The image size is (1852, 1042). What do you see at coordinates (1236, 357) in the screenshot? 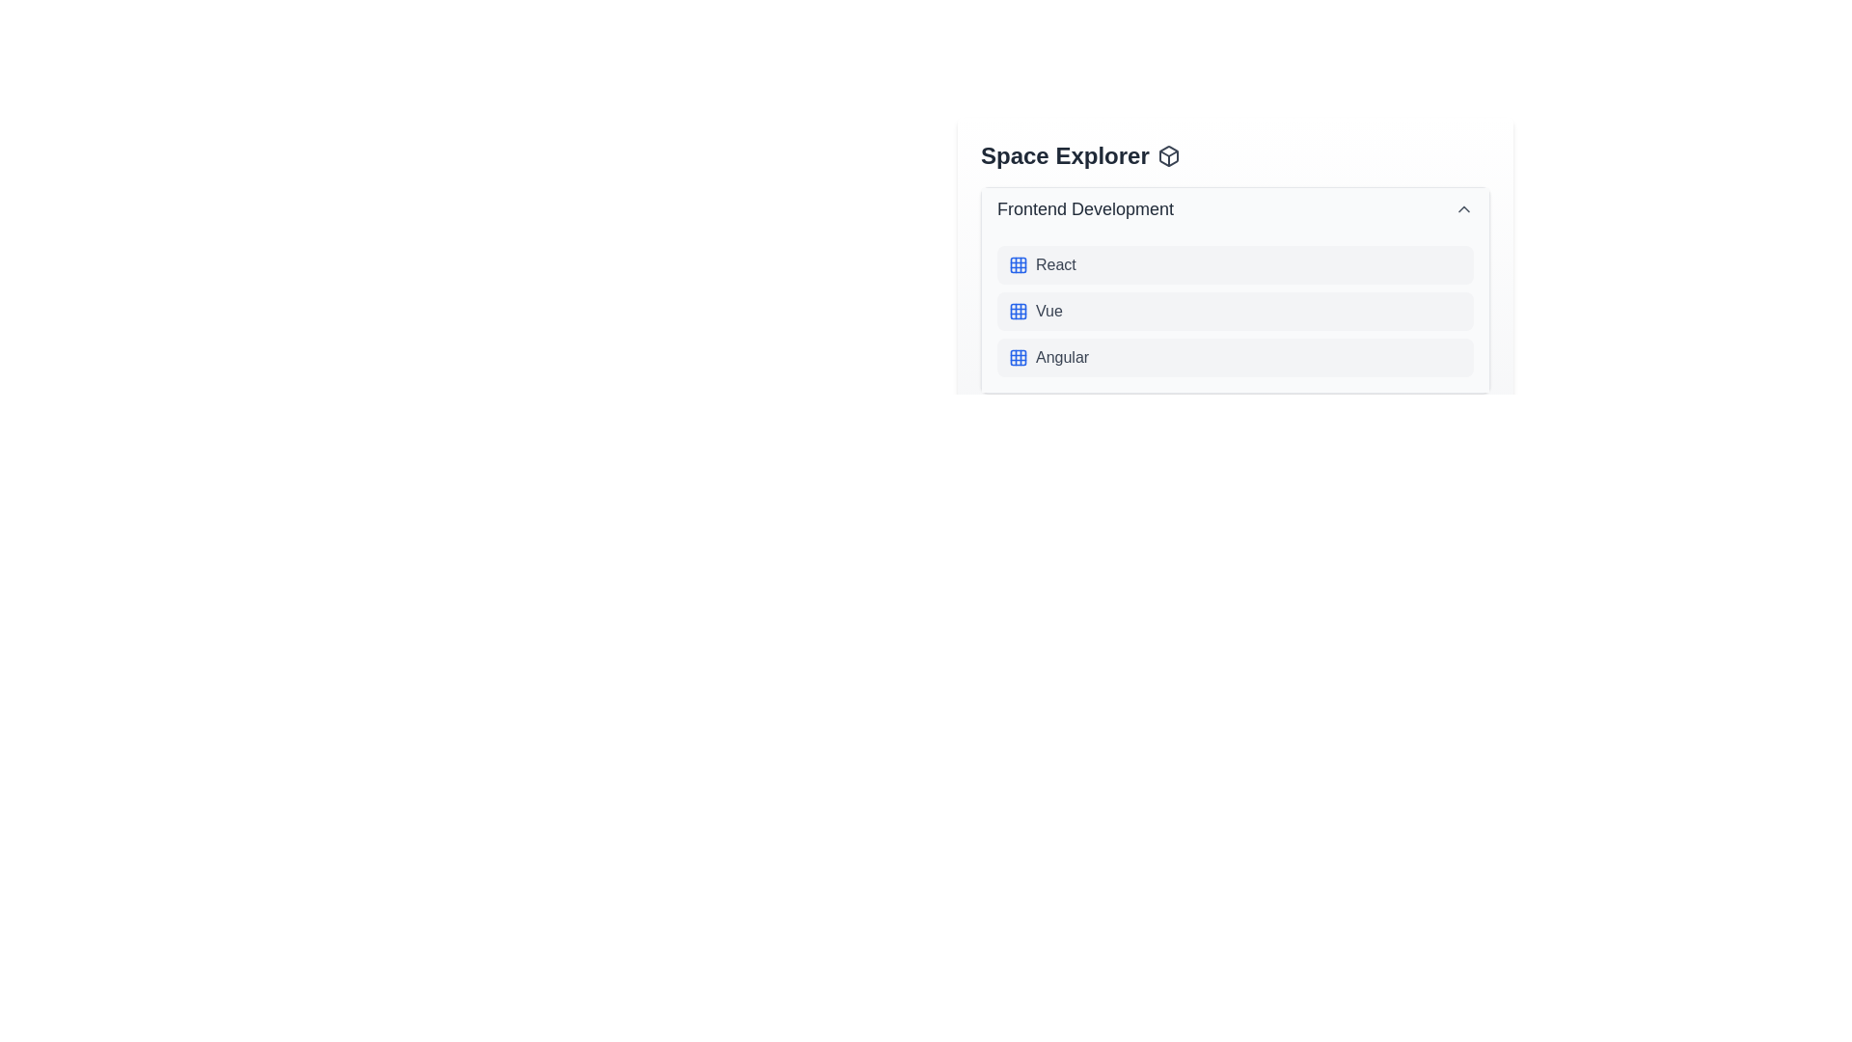
I see `the 'Angular' option in the 'Frontend Development' category, which is the last item in the list after 'React' and 'Vue'` at bounding box center [1236, 357].